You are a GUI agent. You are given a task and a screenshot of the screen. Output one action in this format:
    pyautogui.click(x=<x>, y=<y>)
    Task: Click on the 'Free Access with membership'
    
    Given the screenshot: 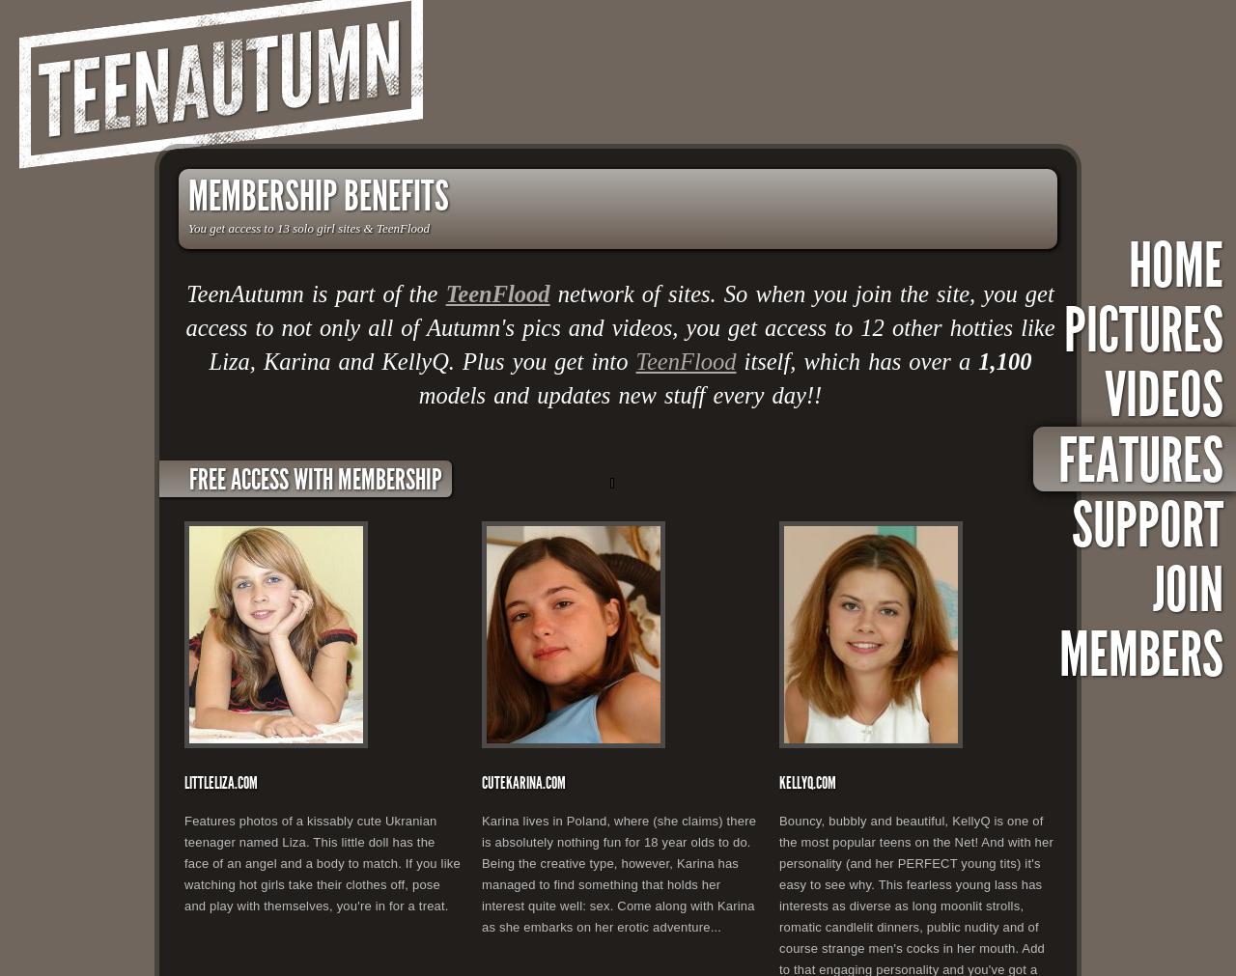 What is the action you would take?
    pyautogui.click(x=316, y=479)
    